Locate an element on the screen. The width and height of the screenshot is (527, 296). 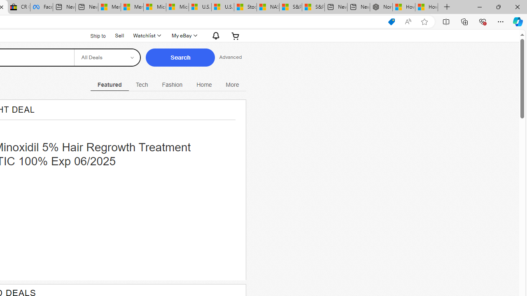
'Class: navigation-desktop-with-flyout open-left' is located at coordinates (232, 83).